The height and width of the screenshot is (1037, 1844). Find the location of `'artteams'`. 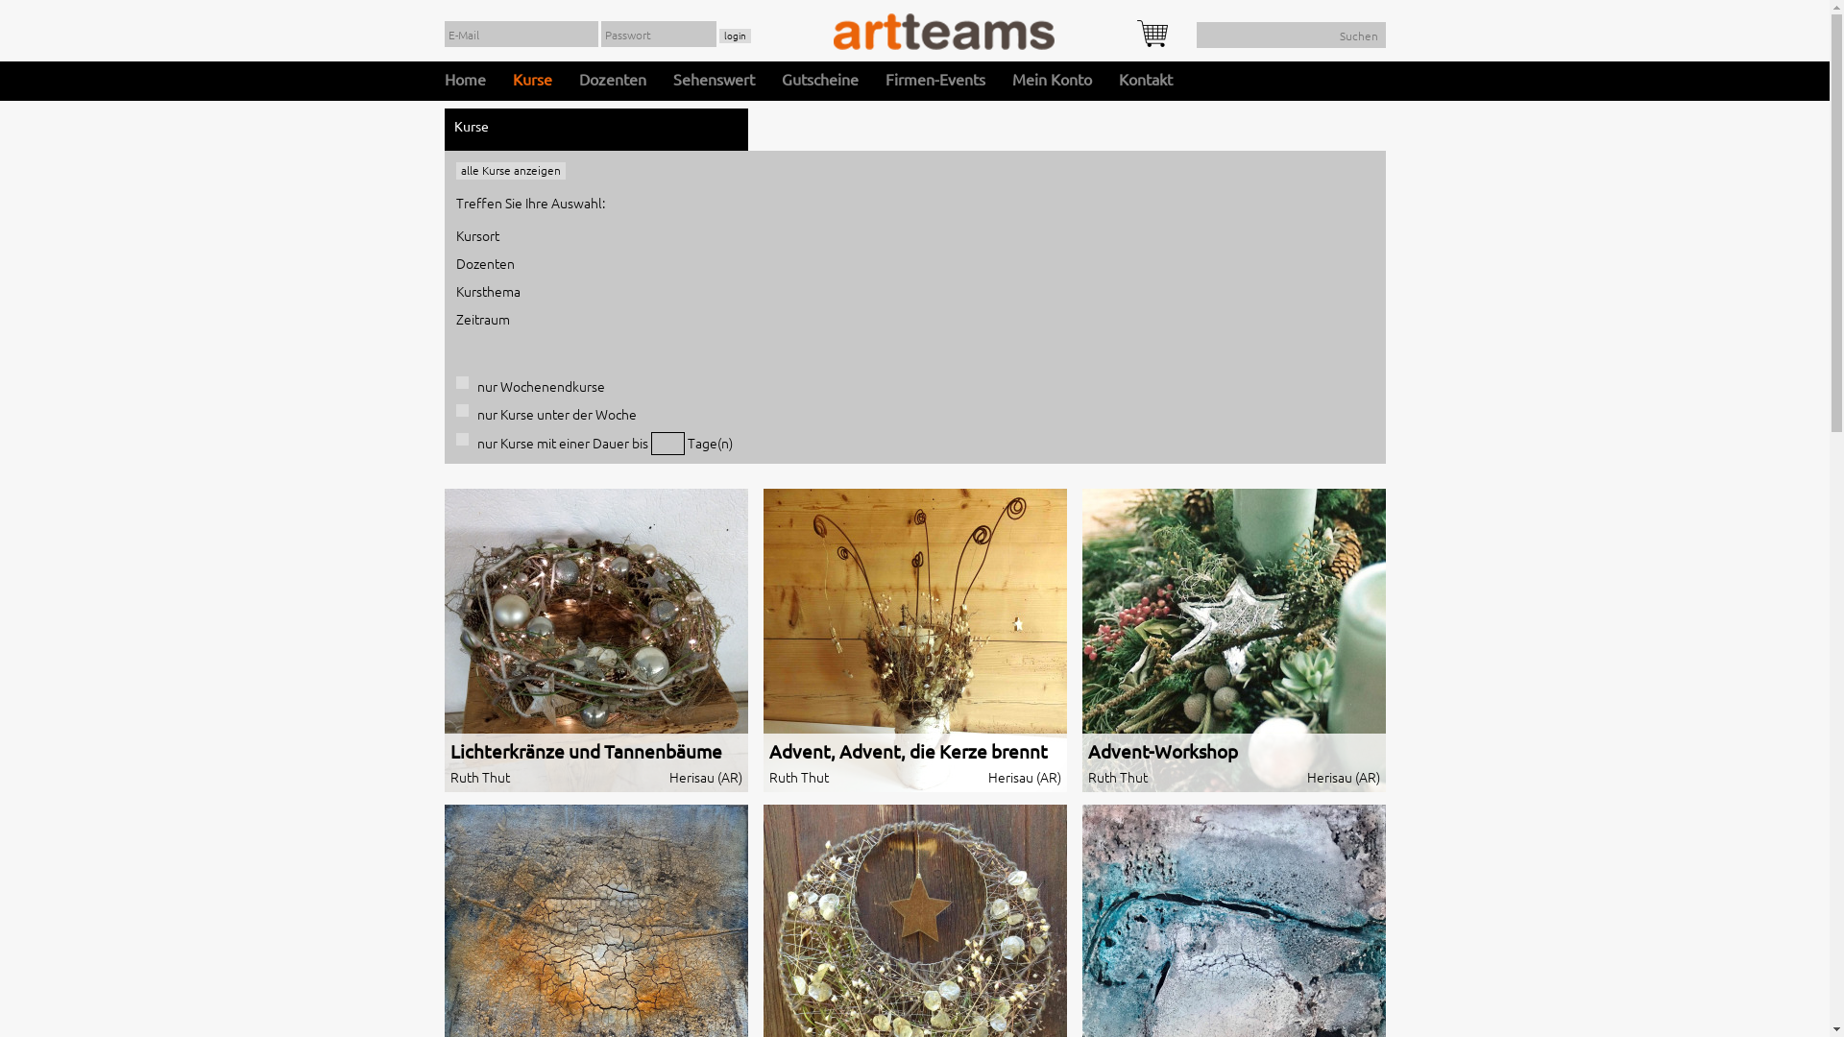

'artteams' is located at coordinates (834, 32).